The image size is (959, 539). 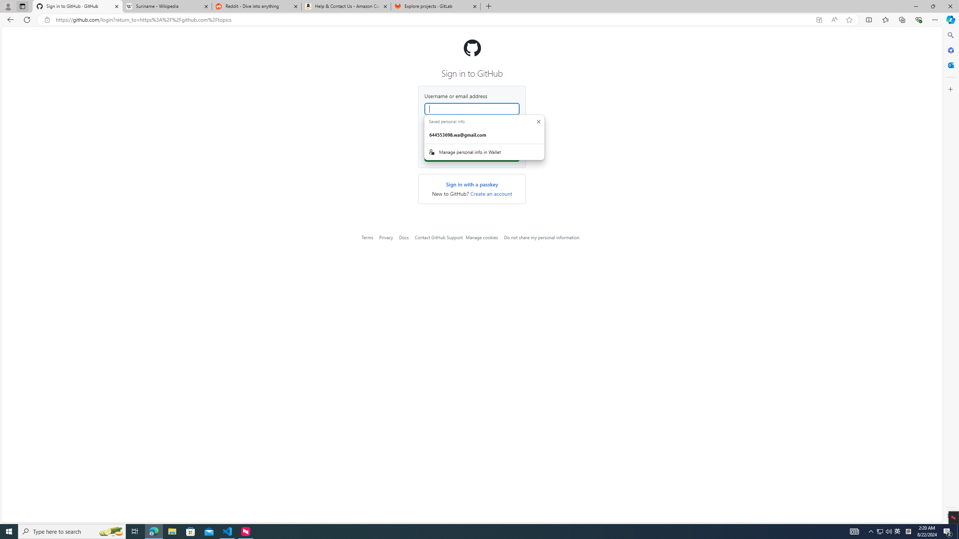 I want to click on 'Reddit - Dive into anything', so click(x=257, y=6).